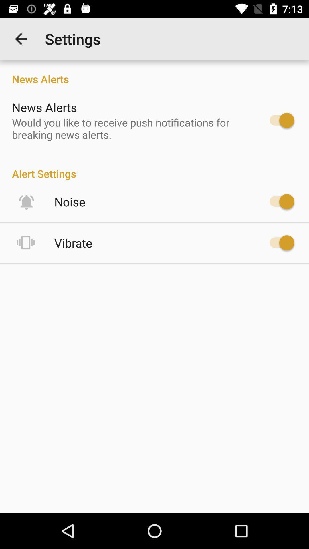  Describe the element at coordinates (70, 202) in the screenshot. I see `the noise item` at that location.